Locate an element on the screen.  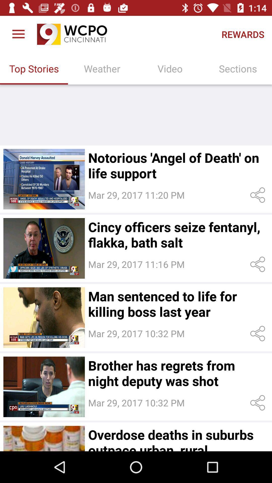
share settings is located at coordinates (259, 403).